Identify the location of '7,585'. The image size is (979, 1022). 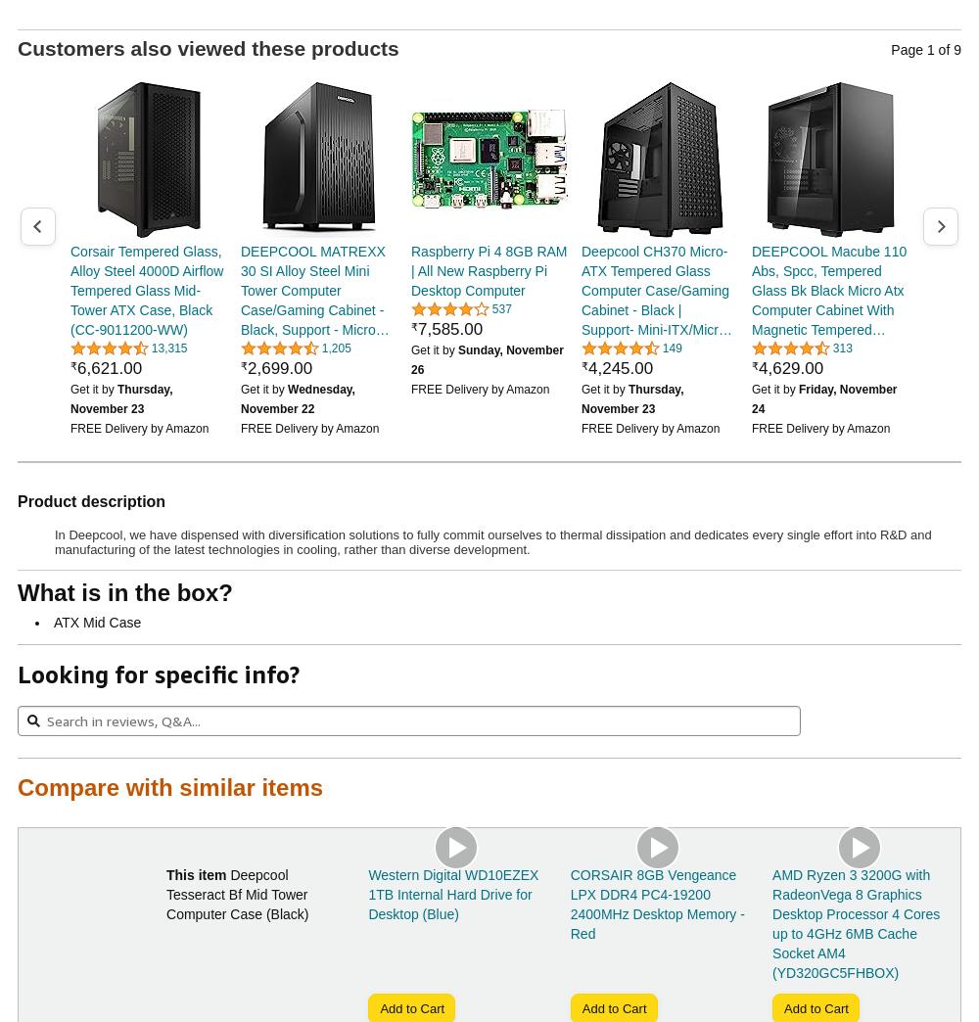
(438, 328).